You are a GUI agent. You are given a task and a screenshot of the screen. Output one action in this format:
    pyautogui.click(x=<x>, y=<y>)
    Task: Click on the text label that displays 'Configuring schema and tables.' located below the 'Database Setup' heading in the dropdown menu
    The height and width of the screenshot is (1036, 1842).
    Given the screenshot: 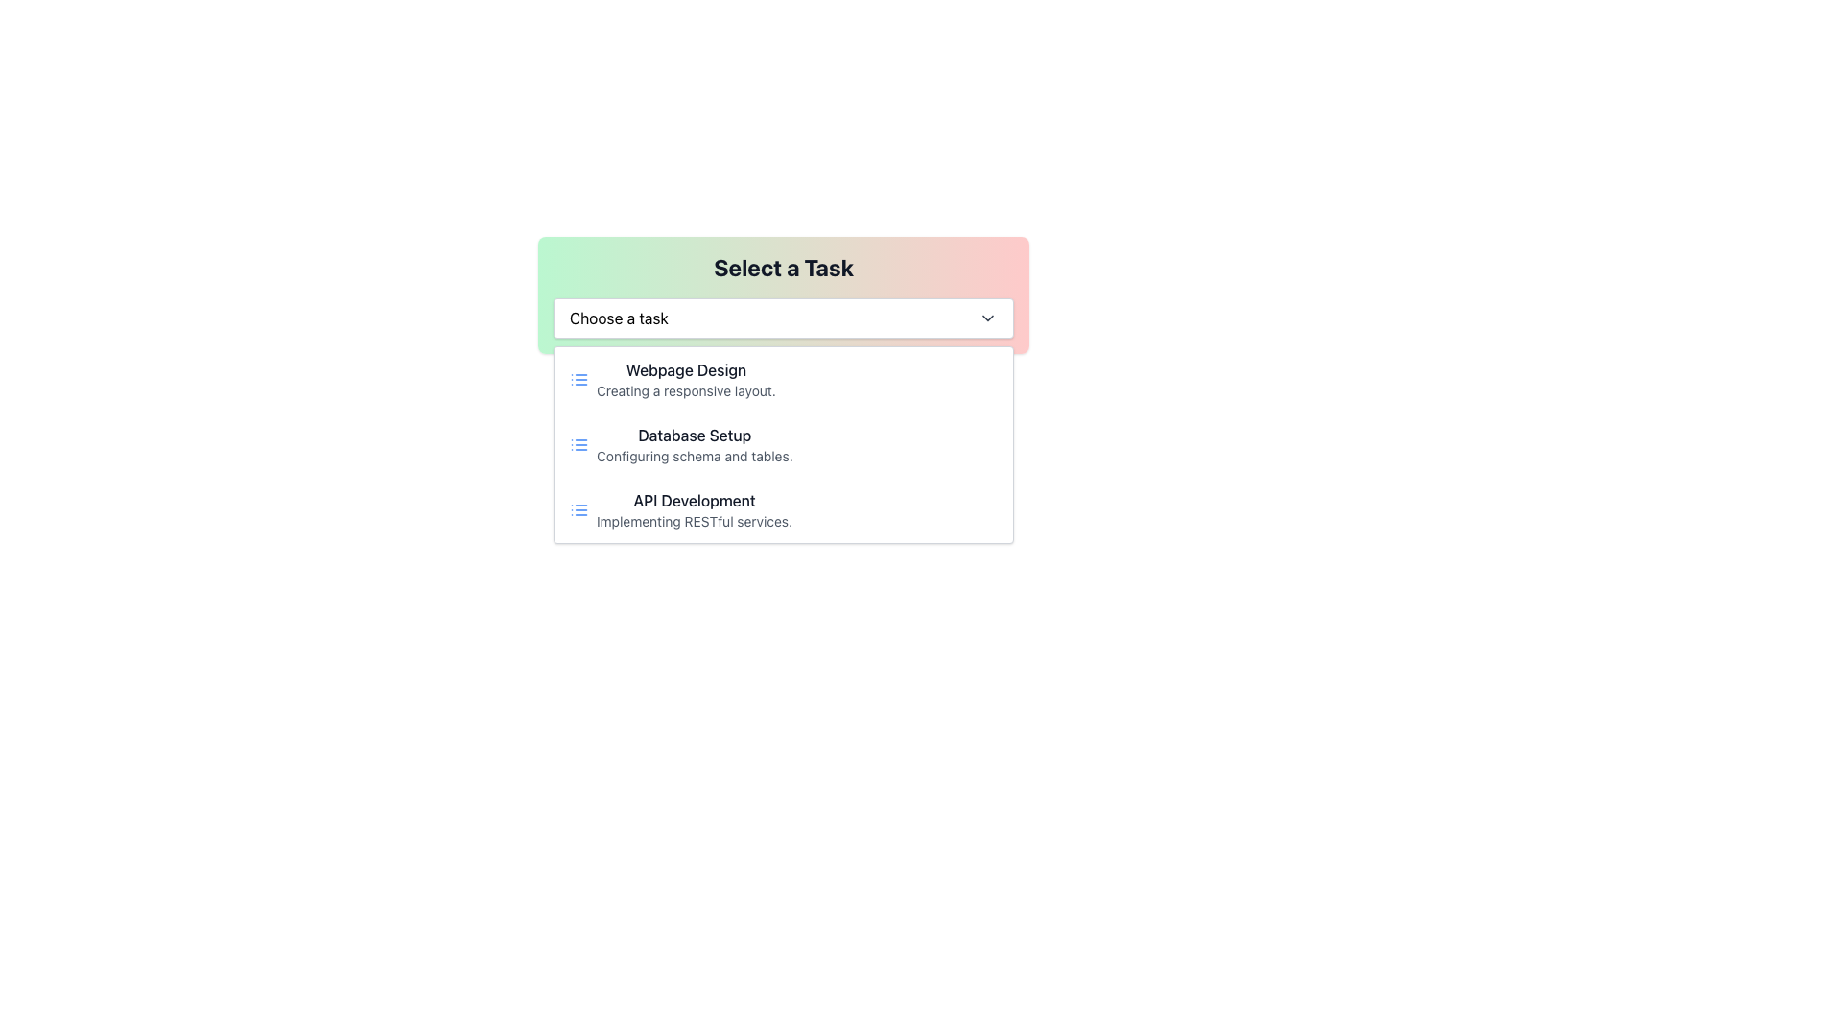 What is the action you would take?
    pyautogui.click(x=694, y=456)
    